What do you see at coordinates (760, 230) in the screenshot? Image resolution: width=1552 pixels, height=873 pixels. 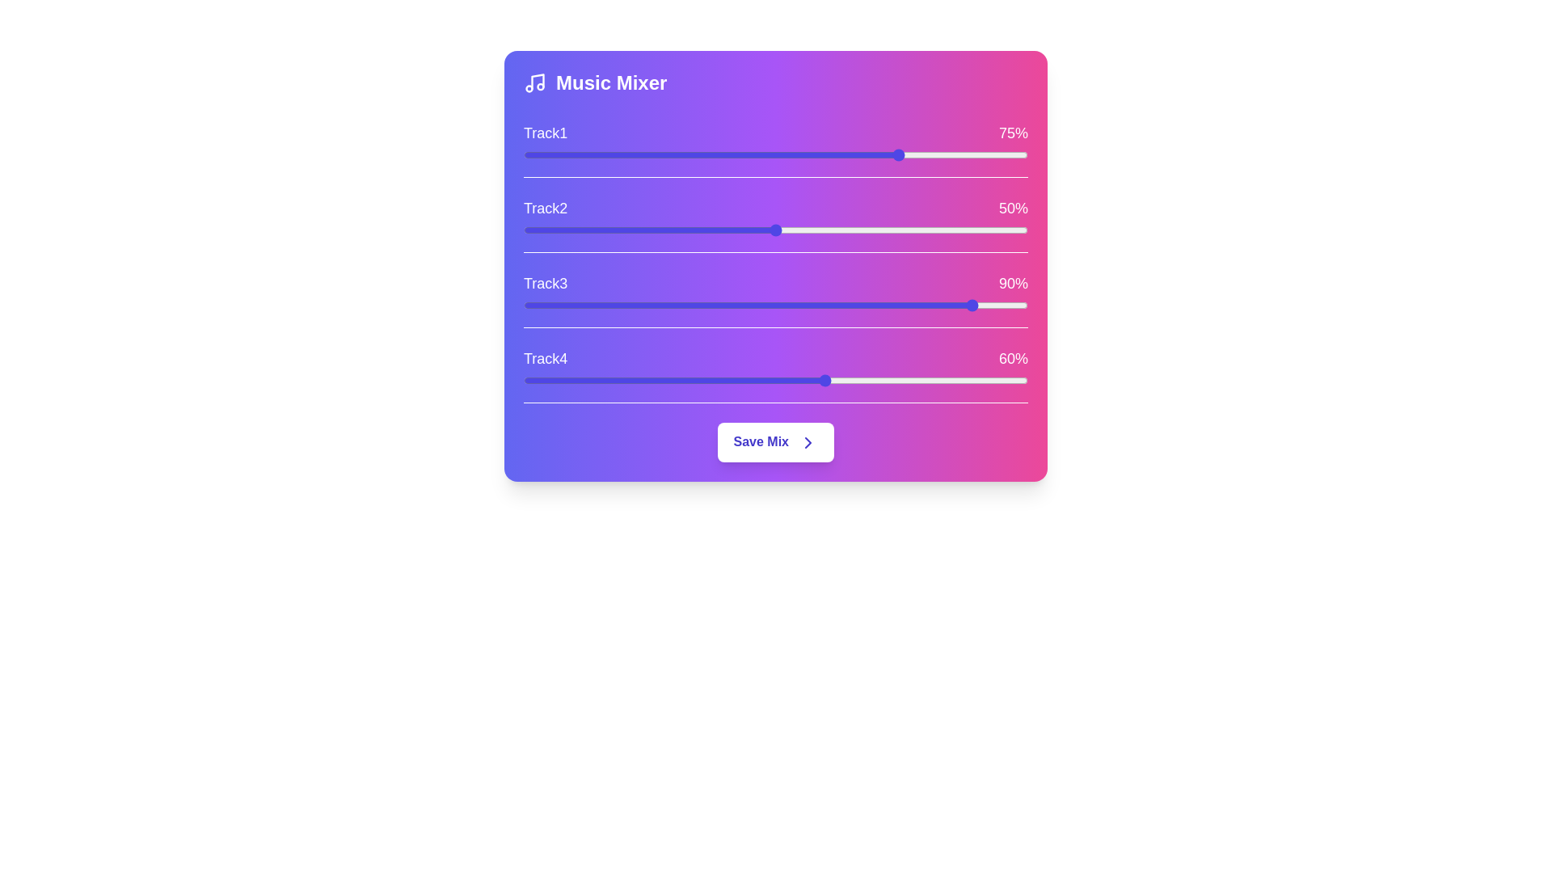 I see `the slider for Track2 to set its level to 47%` at bounding box center [760, 230].